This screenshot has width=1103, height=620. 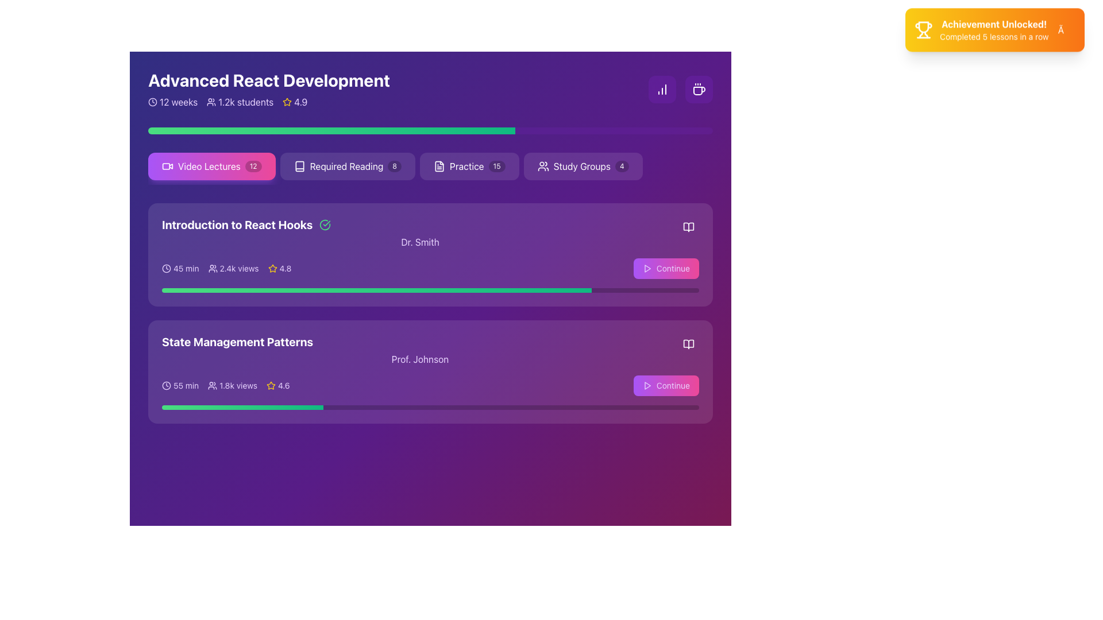 What do you see at coordinates (165, 268) in the screenshot?
I see `the time duration icon located to the left of the '45 min' text in the 'Introduction to React Hooks' section to interact with it` at bounding box center [165, 268].